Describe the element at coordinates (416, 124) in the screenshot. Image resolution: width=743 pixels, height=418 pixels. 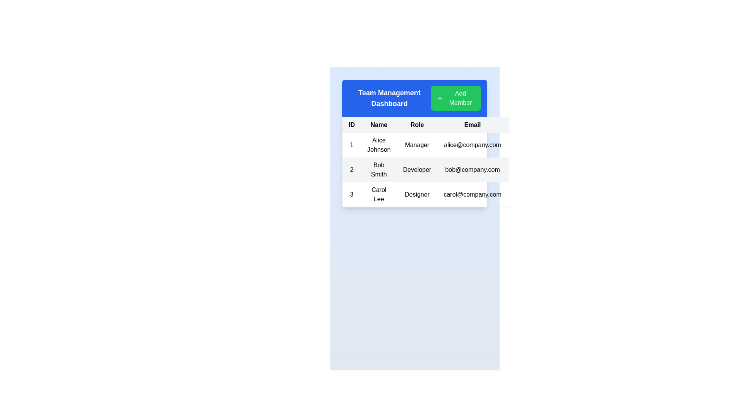
I see `the 'Role' text label in the table header, which is the third column between 'Name' and 'Email', styled with a bold black typeface on a gray background` at that location.